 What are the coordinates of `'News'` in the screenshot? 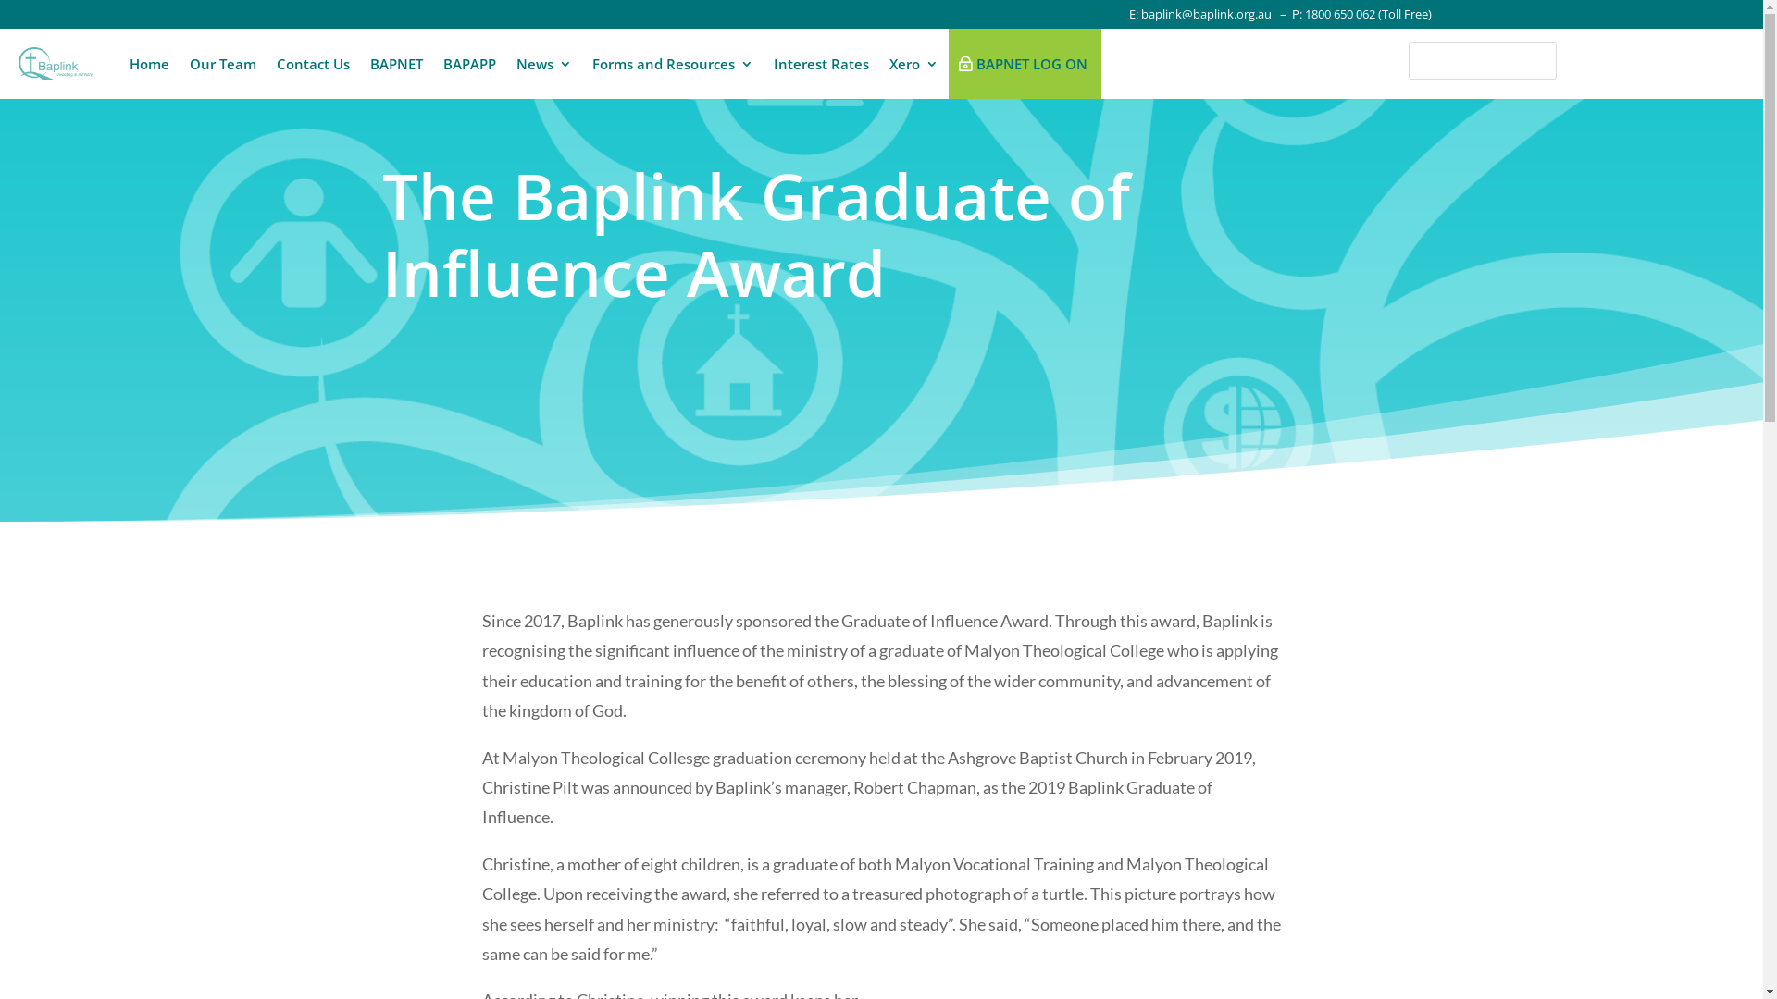 It's located at (543, 63).